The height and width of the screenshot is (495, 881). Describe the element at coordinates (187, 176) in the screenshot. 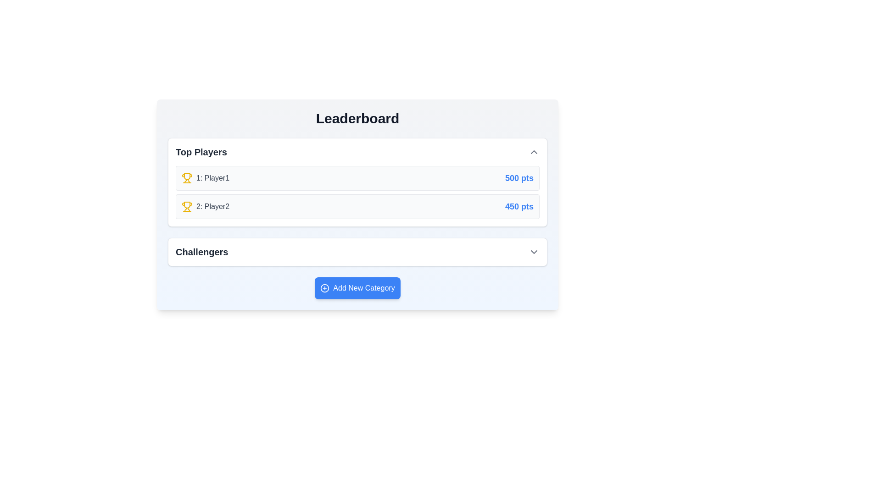

I see `the achievement icon located in the 'Top Players' section, adjacent to the text '1: Player1'` at that location.